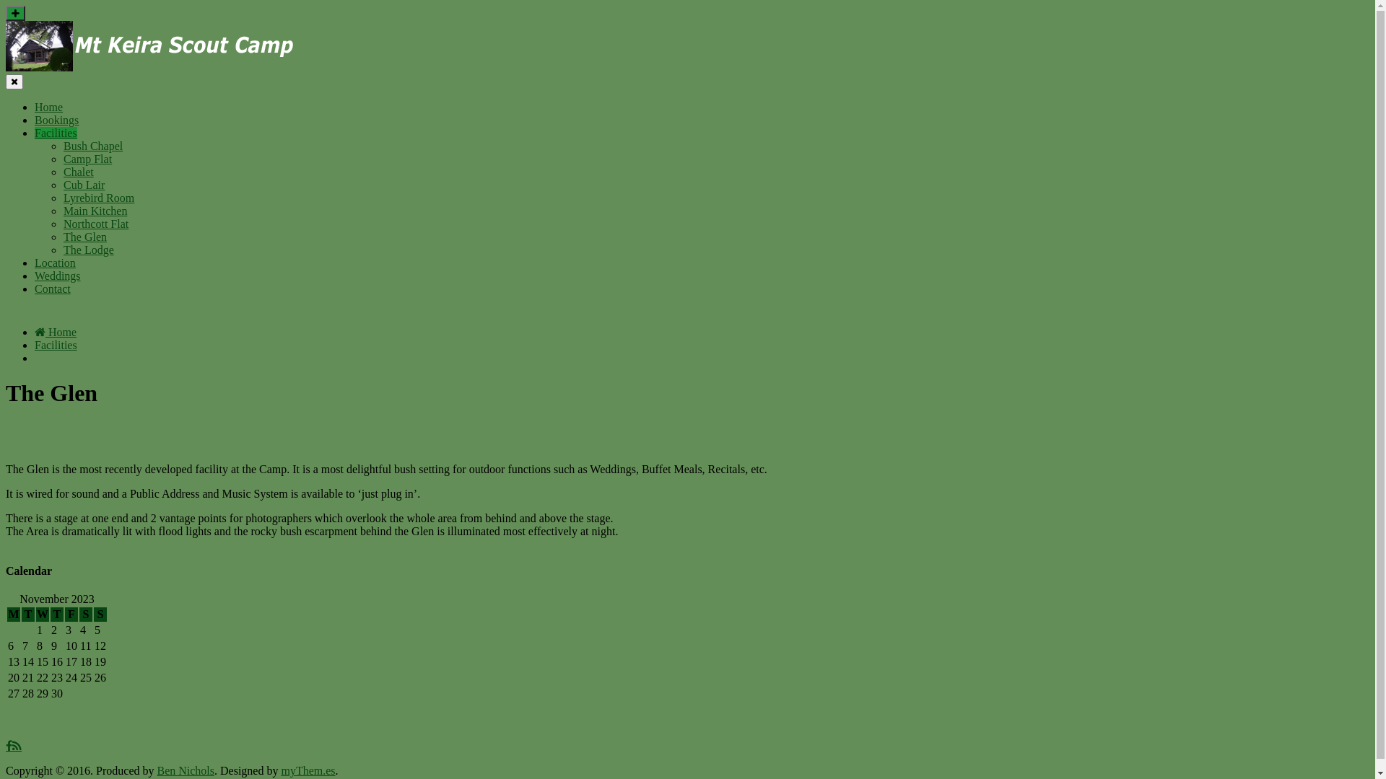 The width and height of the screenshot is (1386, 779). Describe the element at coordinates (307, 770) in the screenshot. I see `'myThem.es'` at that location.